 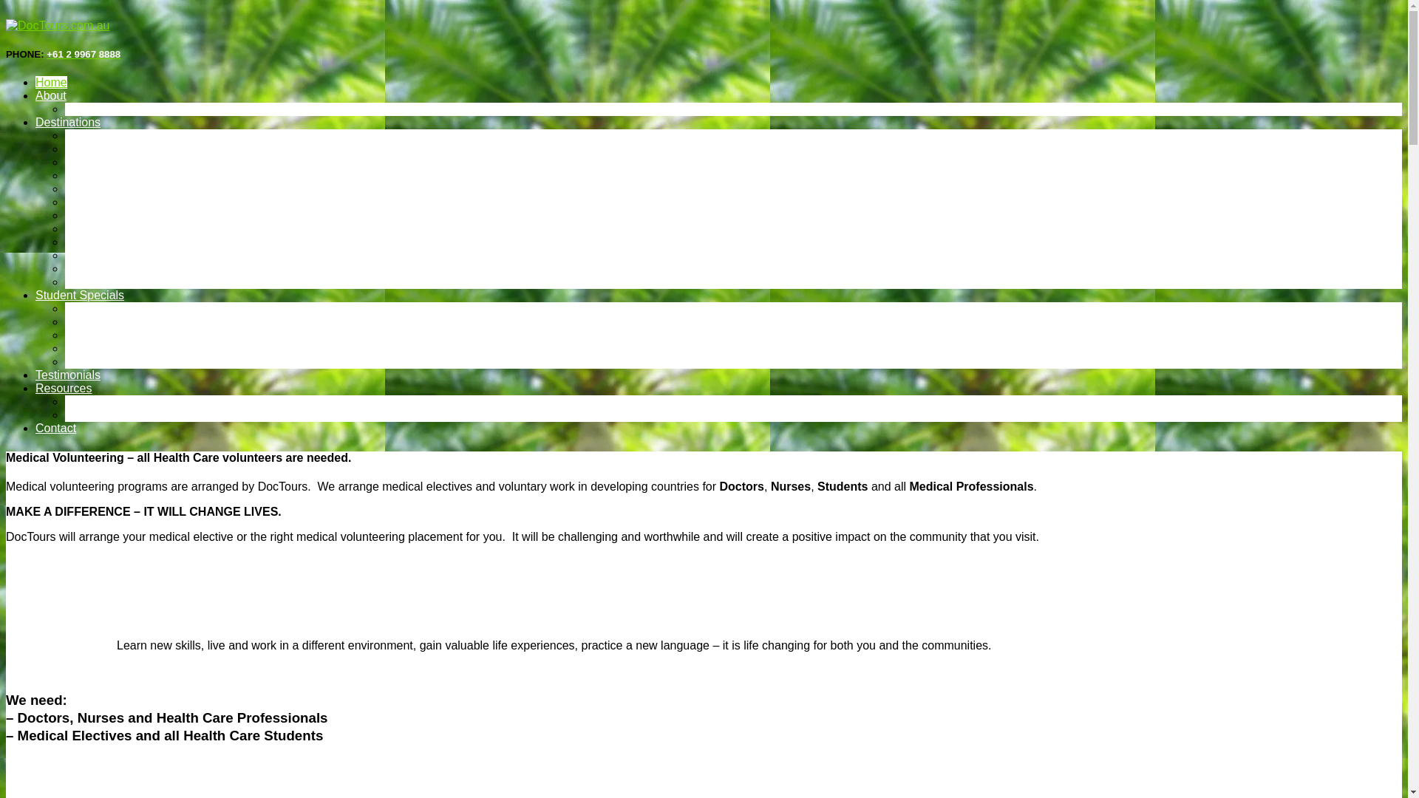 I want to click on '+61 2 9967 8888', so click(x=83, y=53).